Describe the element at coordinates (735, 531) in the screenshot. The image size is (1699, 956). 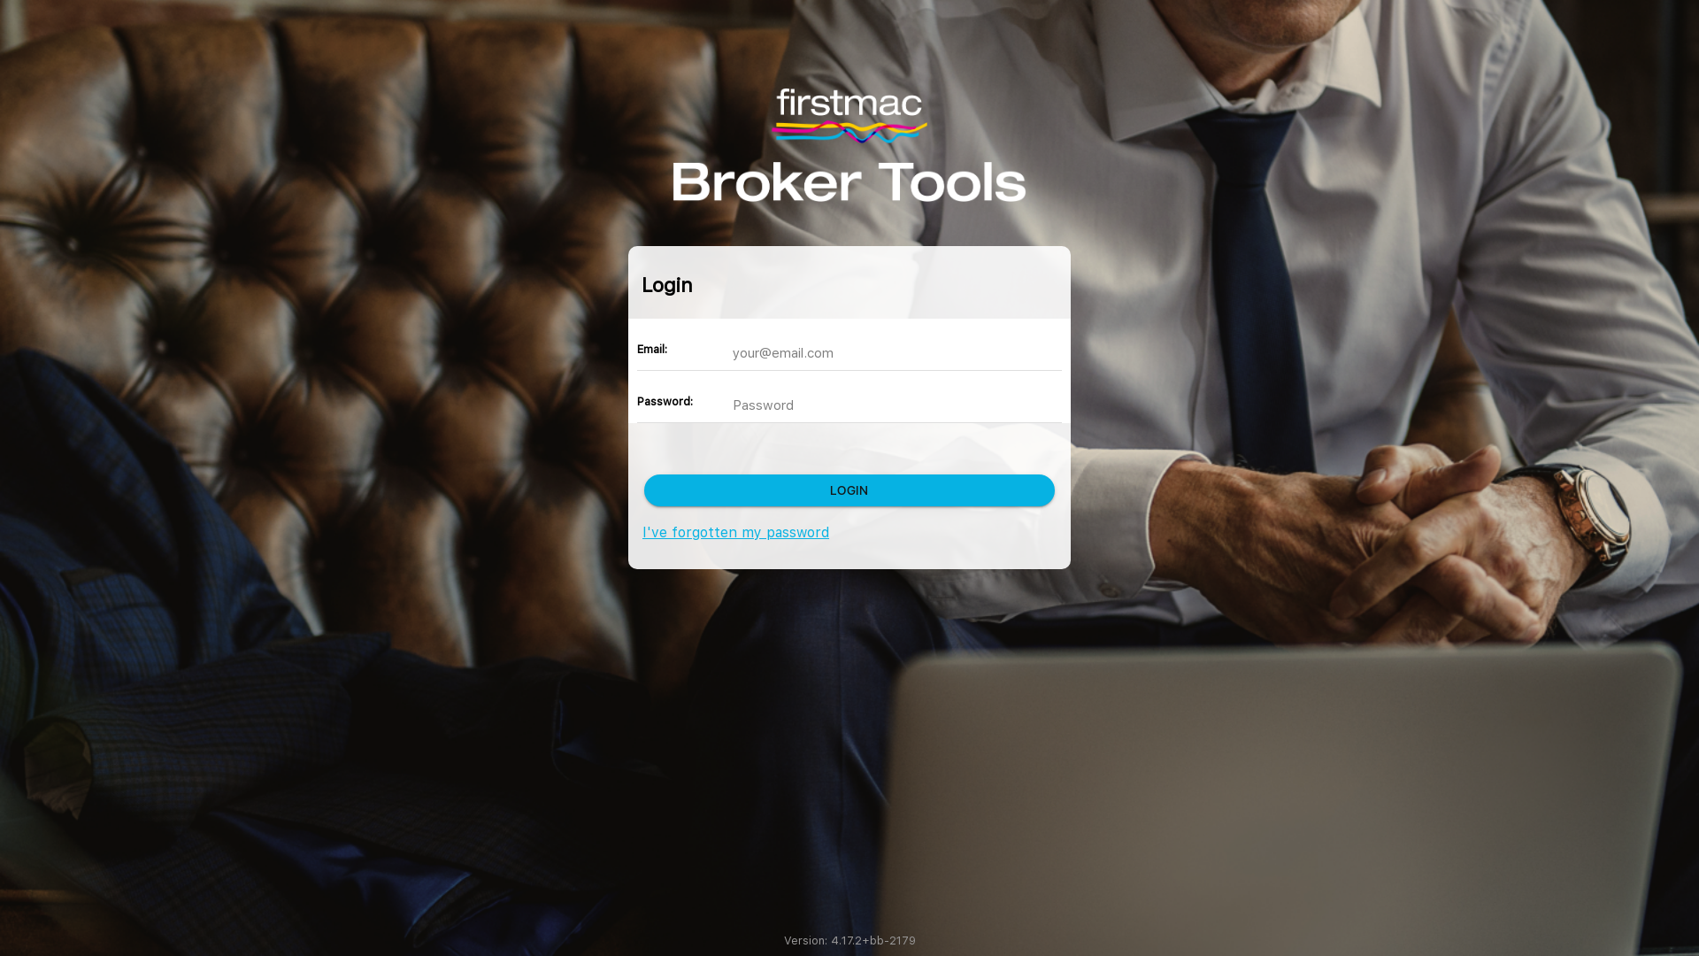
I see `'I've forgotten my password'` at that location.